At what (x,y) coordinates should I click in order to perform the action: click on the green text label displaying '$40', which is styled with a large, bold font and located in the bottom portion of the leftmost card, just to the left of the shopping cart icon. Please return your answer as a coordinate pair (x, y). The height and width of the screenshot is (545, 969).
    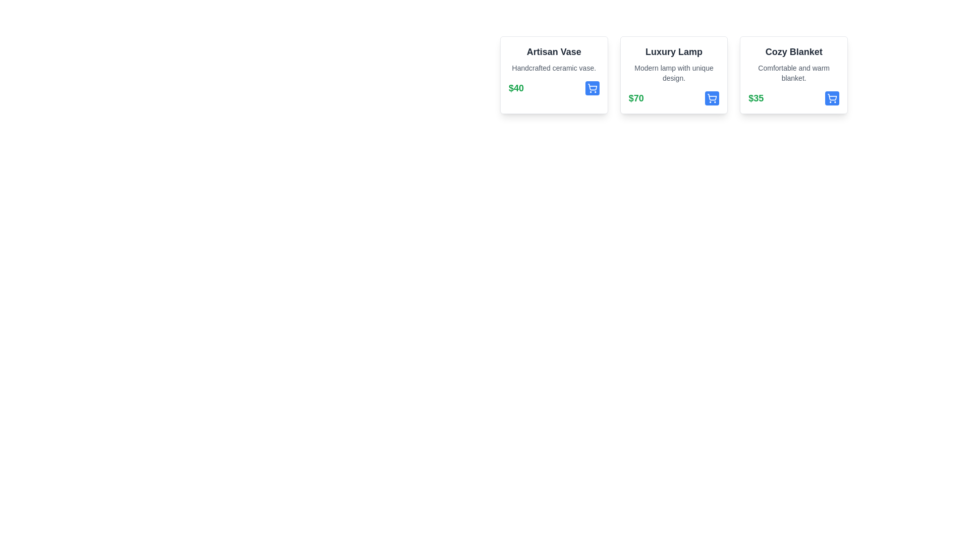
    Looking at the image, I should click on (516, 87).